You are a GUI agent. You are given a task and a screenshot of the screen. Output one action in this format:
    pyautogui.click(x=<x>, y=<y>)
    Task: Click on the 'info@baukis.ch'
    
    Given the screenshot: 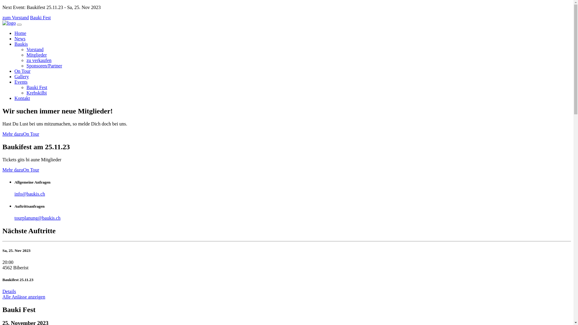 What is the action you would take?
    pyautogui.click(x=29, y=194)
    